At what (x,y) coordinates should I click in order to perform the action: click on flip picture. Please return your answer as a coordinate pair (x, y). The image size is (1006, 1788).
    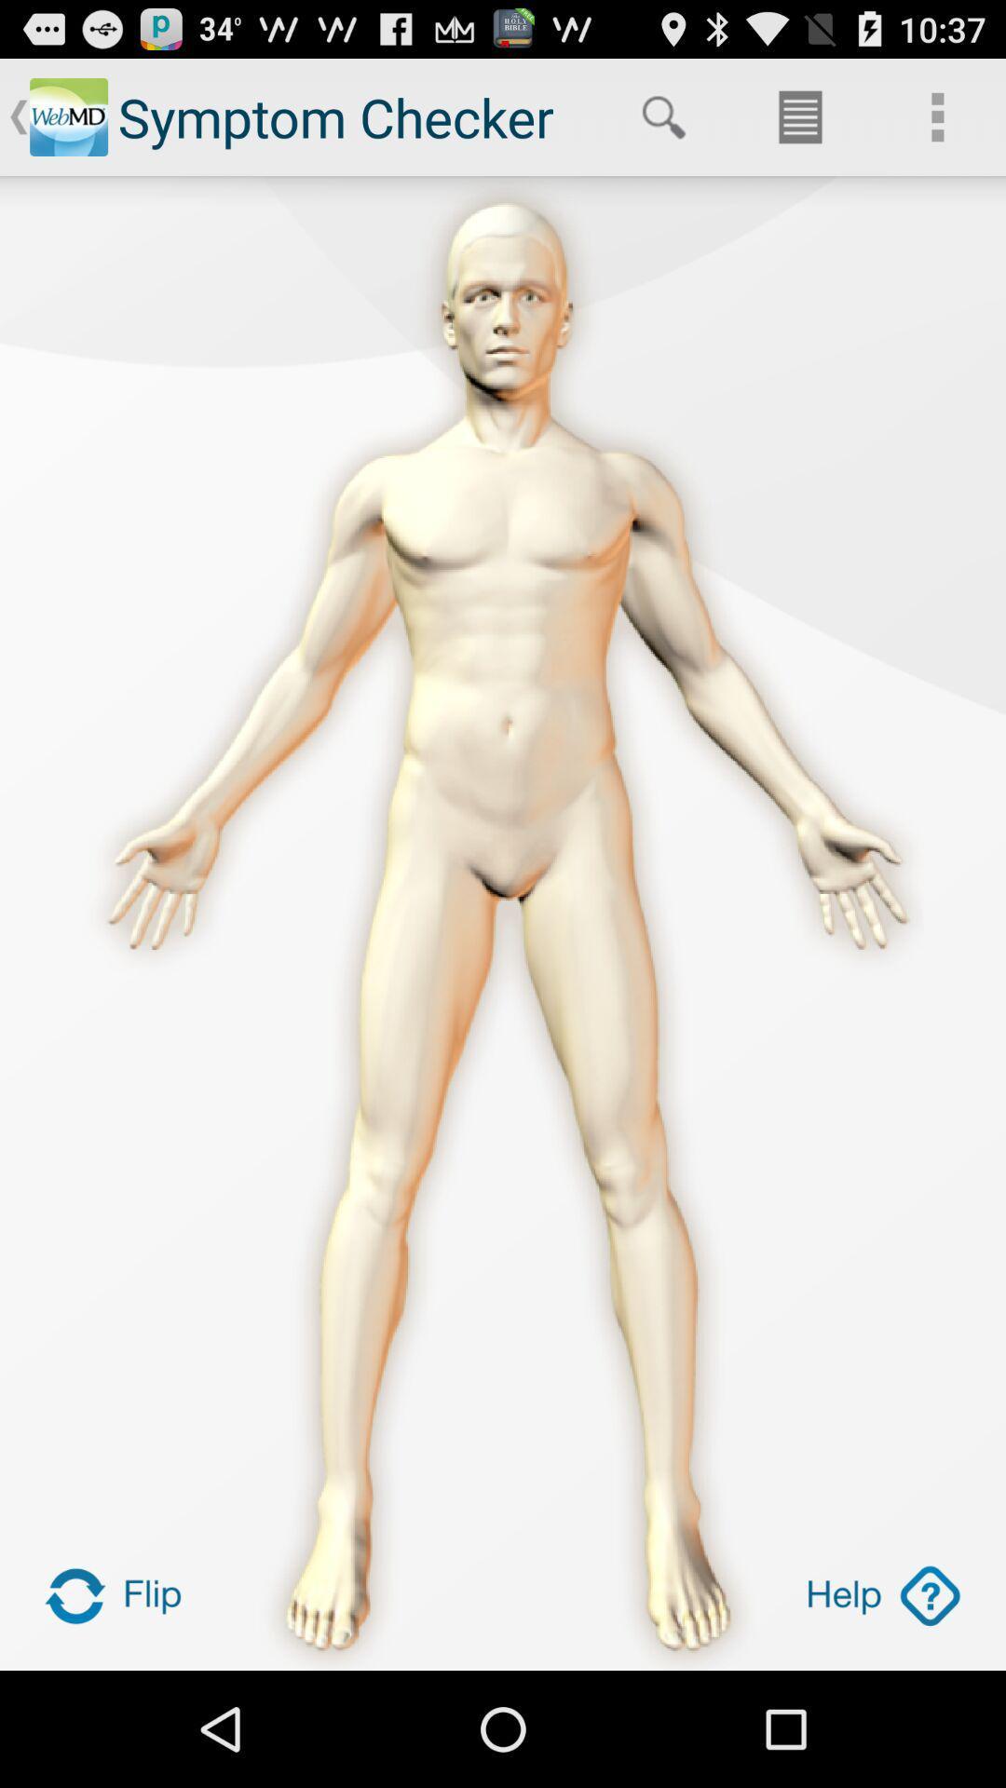
    Looking at the image, I should click on (122, 1594).